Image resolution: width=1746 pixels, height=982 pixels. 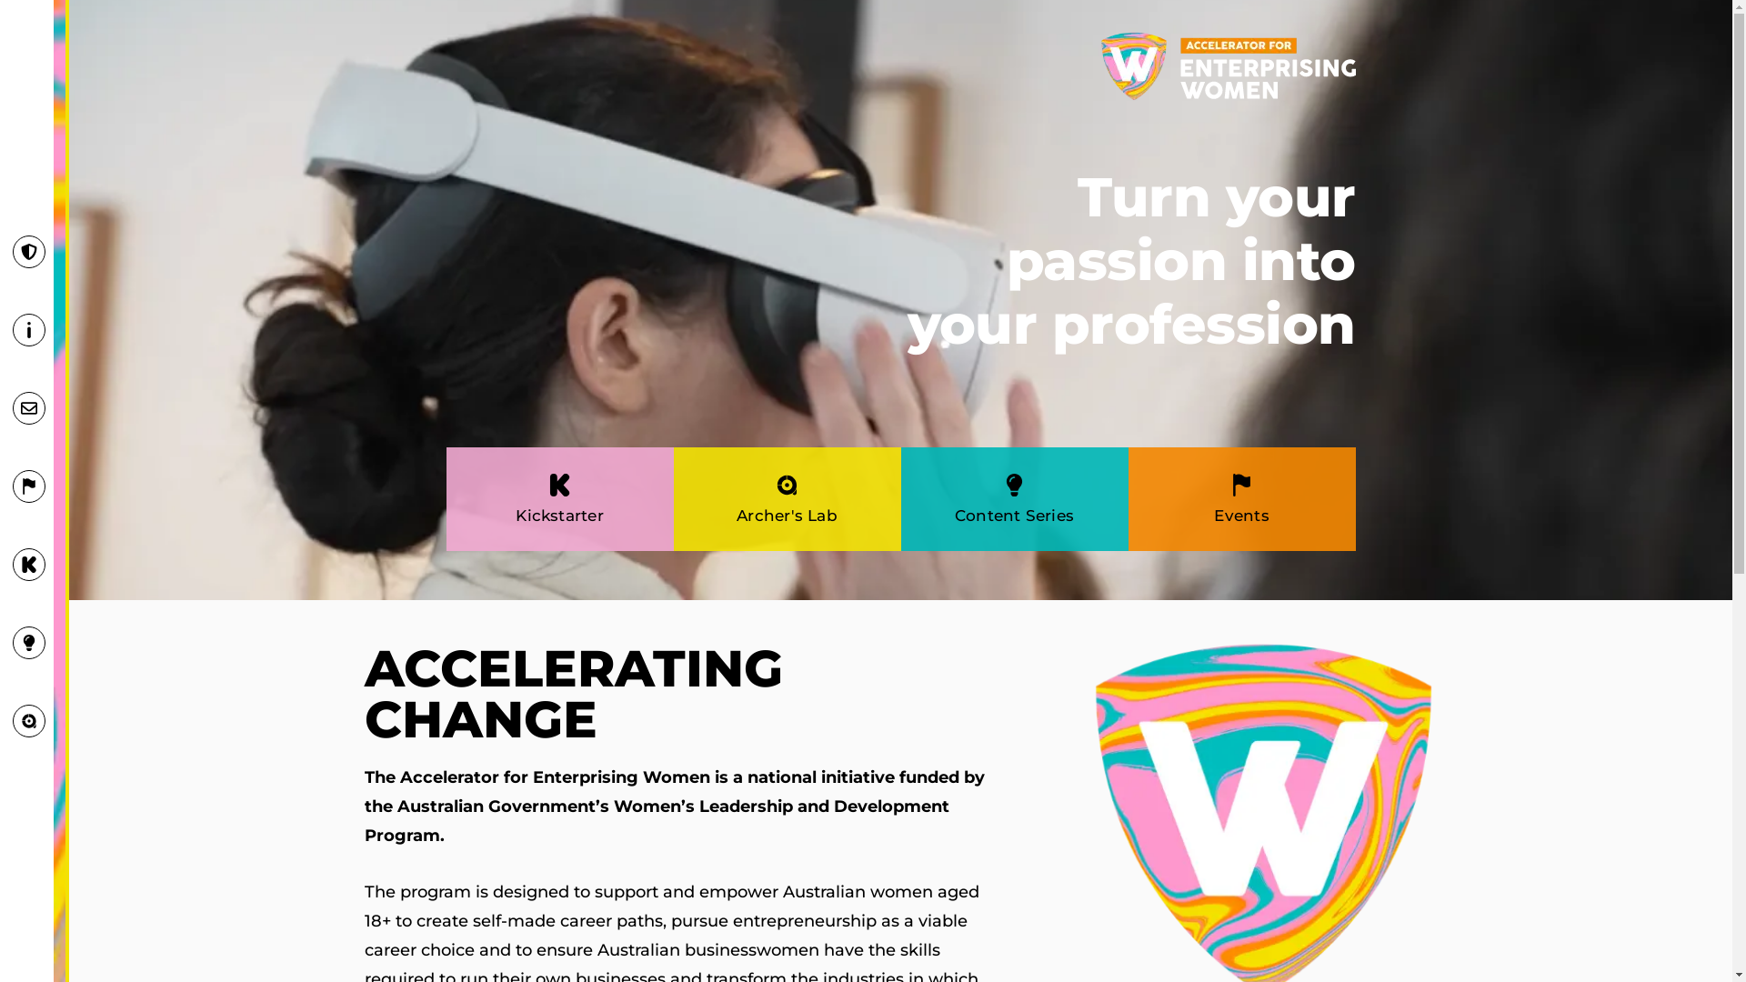 I want to click on 'Archer's Lab', so click(x=787, y=516).